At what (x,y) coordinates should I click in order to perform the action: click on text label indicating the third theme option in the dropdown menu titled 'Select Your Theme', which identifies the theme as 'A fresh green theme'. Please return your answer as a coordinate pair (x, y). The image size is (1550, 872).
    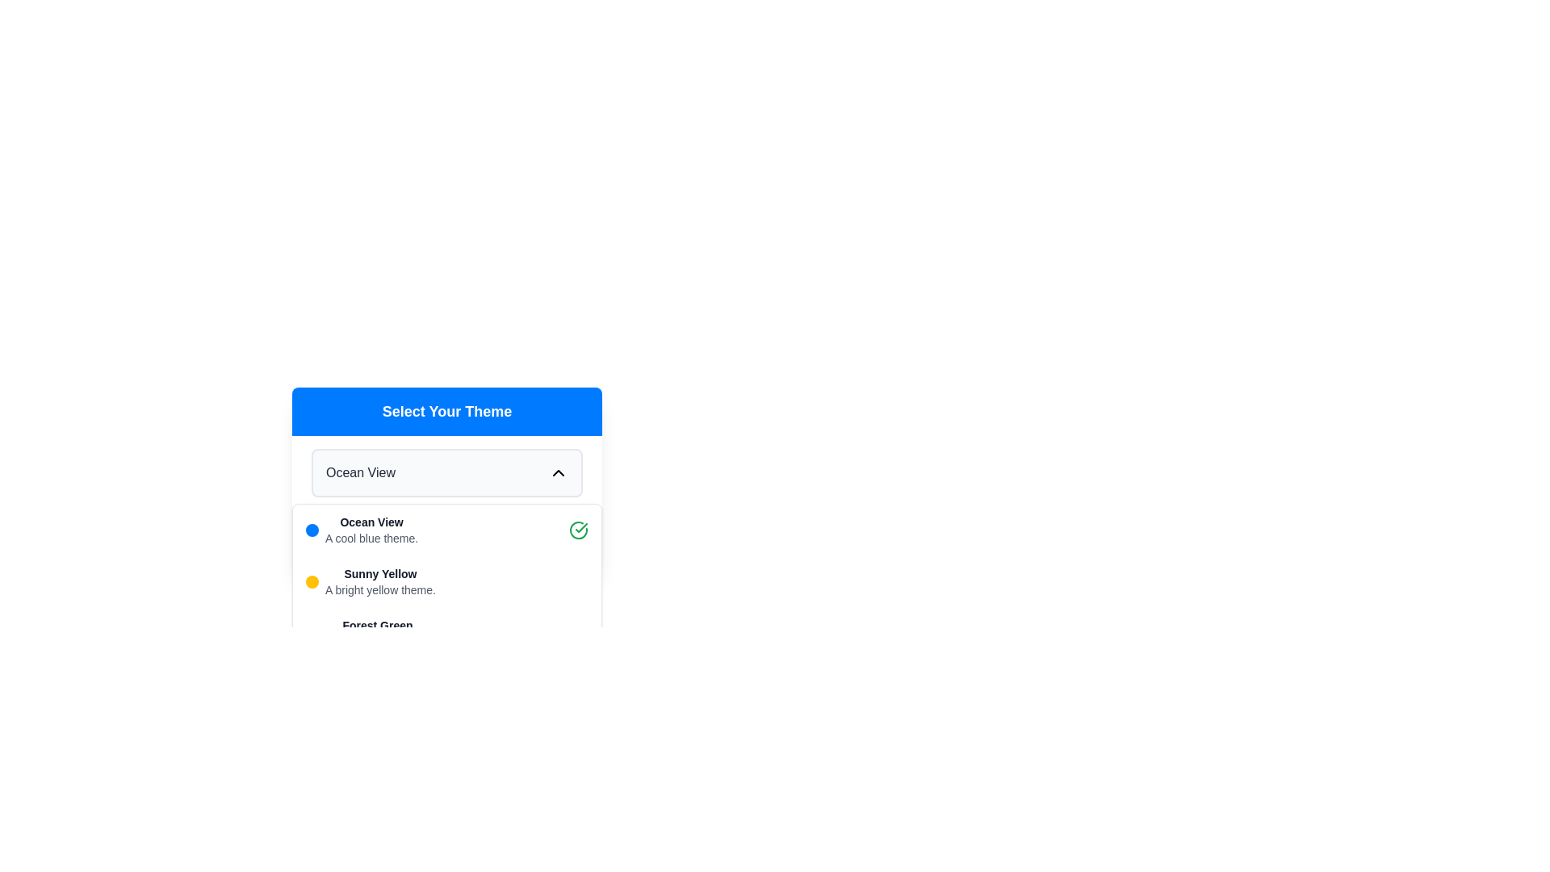
    Looking at the image, I should click on (376, 625).